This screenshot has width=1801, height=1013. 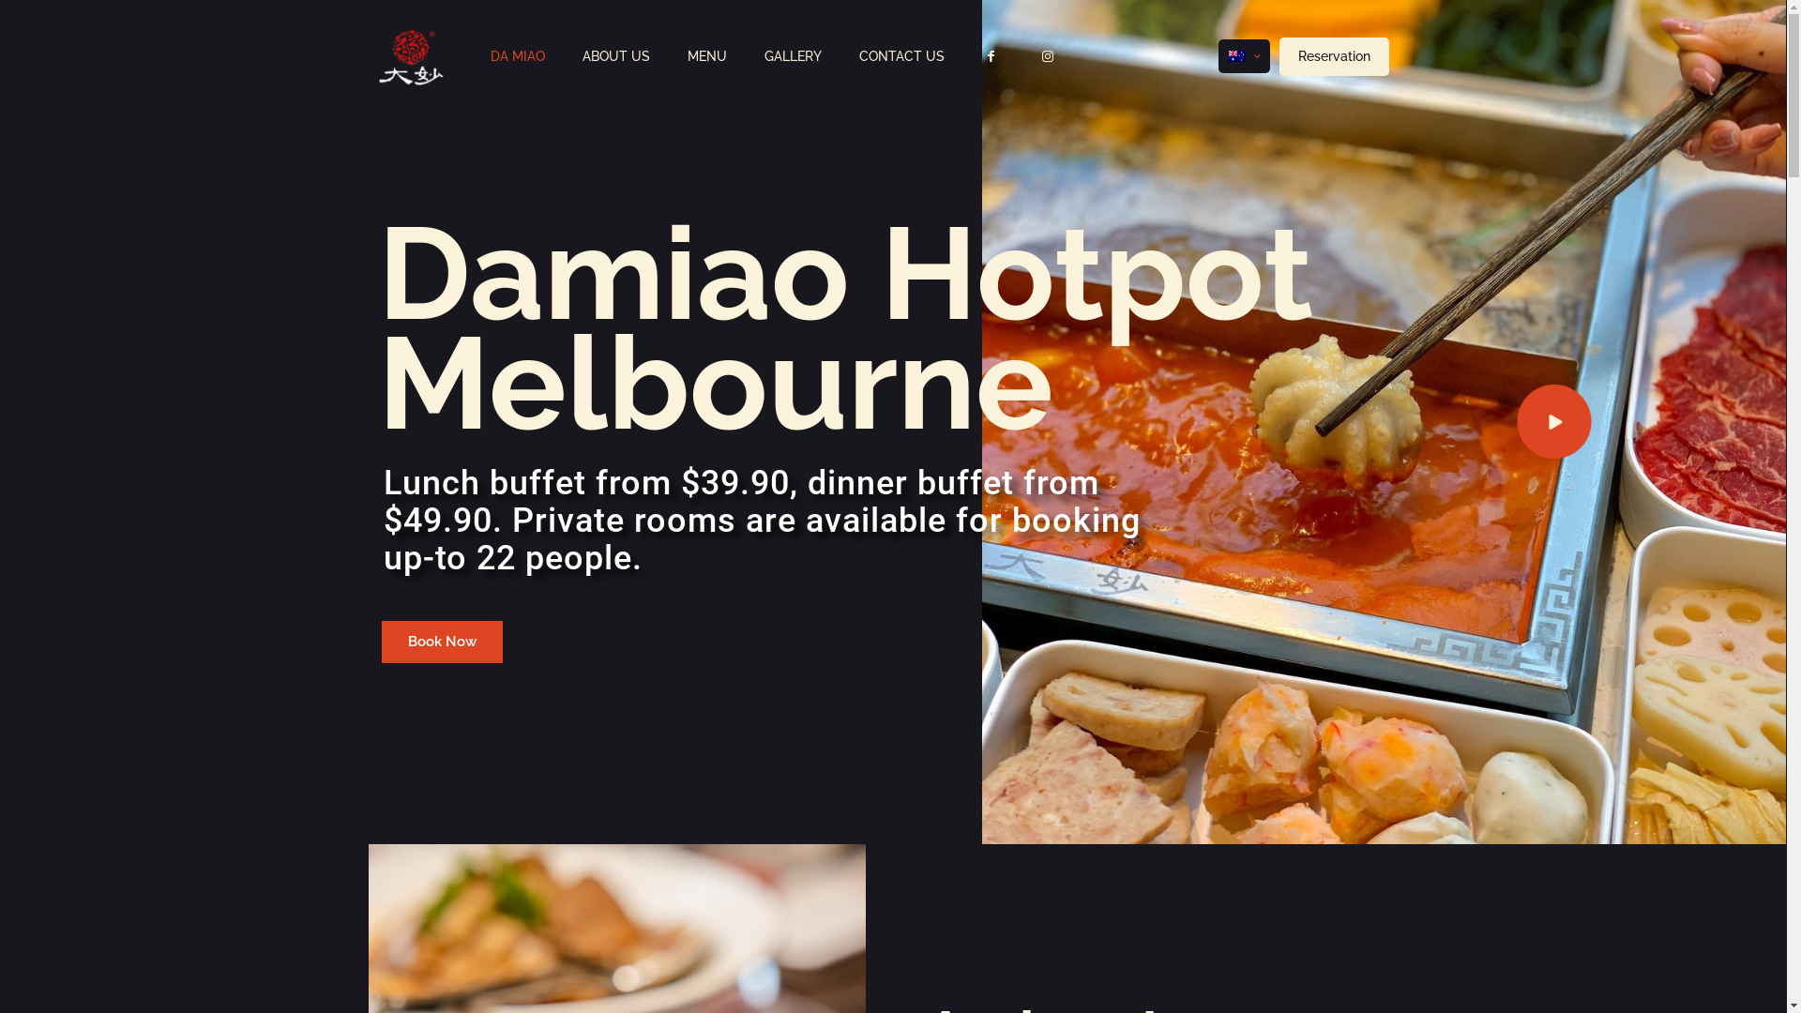 What do you see at coordinates (616, 55) in the screenshot?
I see `'ABOUT US'` at bounding box center [616, 55].